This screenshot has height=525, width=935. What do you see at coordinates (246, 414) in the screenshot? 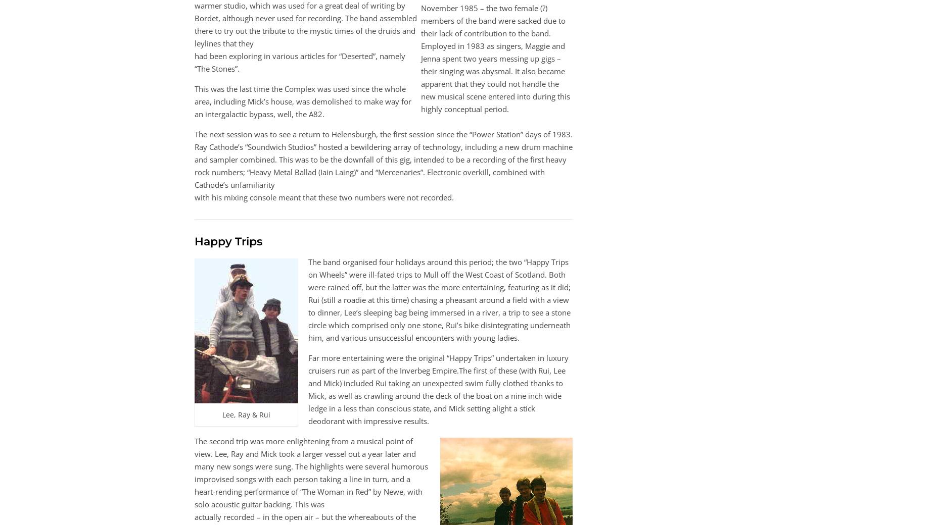
I see `'Lee, Ray & Rui'` at bounding box center [246, 414].